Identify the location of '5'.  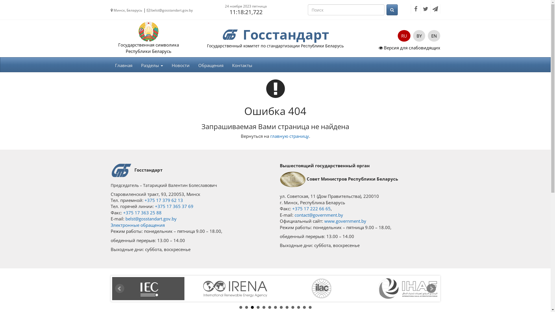
(263, 307).